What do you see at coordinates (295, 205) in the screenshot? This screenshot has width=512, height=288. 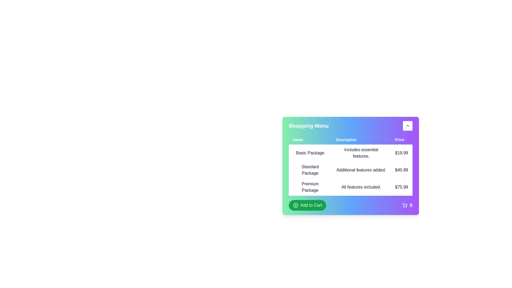 I see `the graphical circle element that is part of the 'Add to Cart' button, which enhances the button's recognizability and appeal` at bounding box center [295, 205].